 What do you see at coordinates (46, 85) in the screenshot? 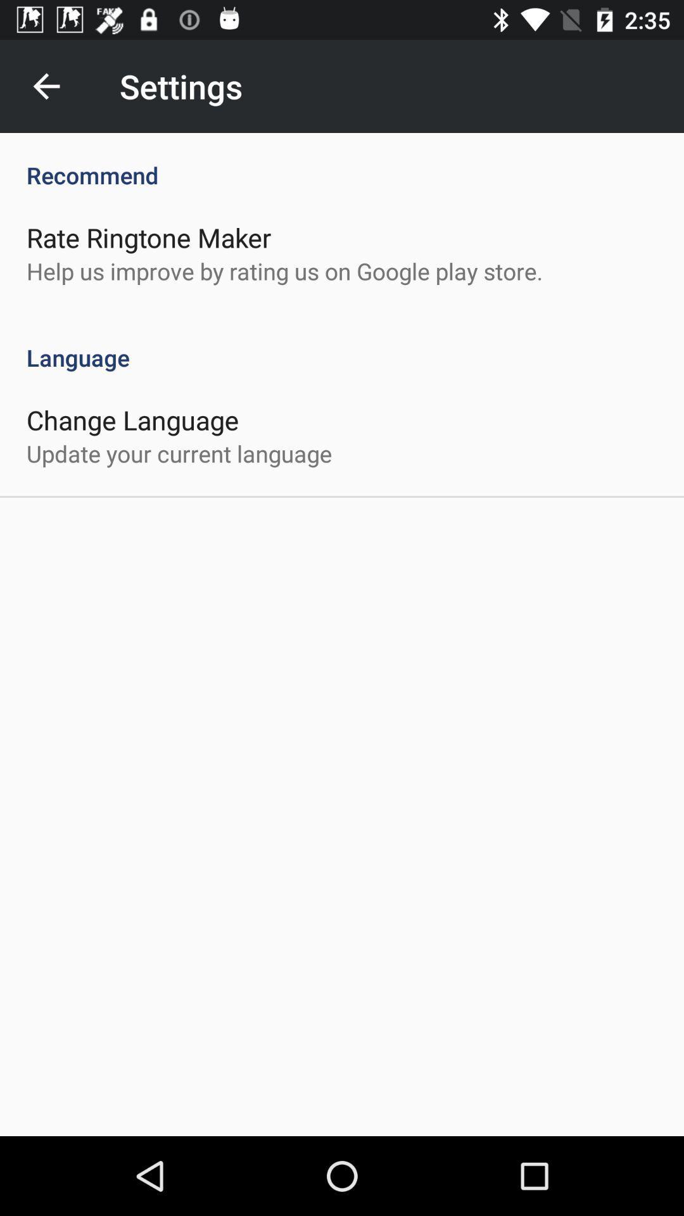
I see `the item to the left of the settings icon` at bounding box center [46, 85].